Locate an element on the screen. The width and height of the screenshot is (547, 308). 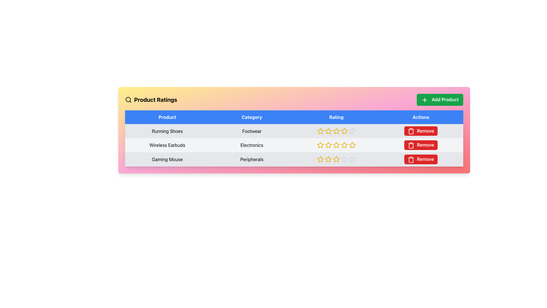
the 'Rating' column header, which is a blue rectangular element with bold white text, part of a structured table layout is located at coordinates (336, 117).